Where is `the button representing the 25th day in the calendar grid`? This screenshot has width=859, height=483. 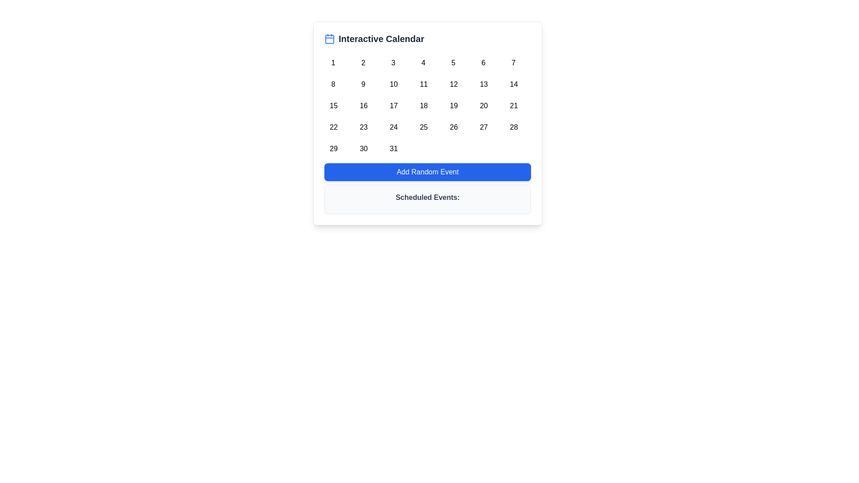
the button representing the 25th day in the calendar grid is located at coordinates (423, 126).